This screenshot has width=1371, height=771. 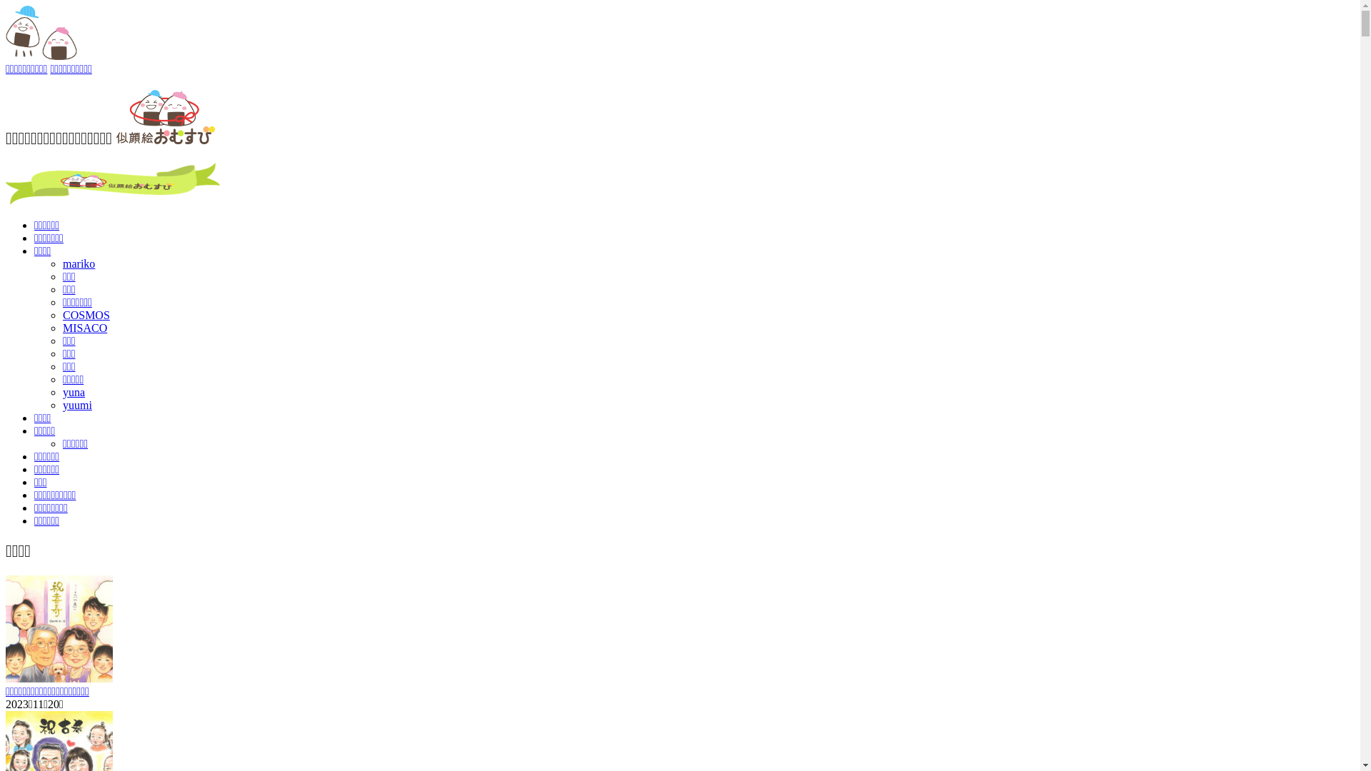 What do you see at coordinates (84, 328) in the screenshot?
I see `'MISACO'` at bounding box center [84, 328].